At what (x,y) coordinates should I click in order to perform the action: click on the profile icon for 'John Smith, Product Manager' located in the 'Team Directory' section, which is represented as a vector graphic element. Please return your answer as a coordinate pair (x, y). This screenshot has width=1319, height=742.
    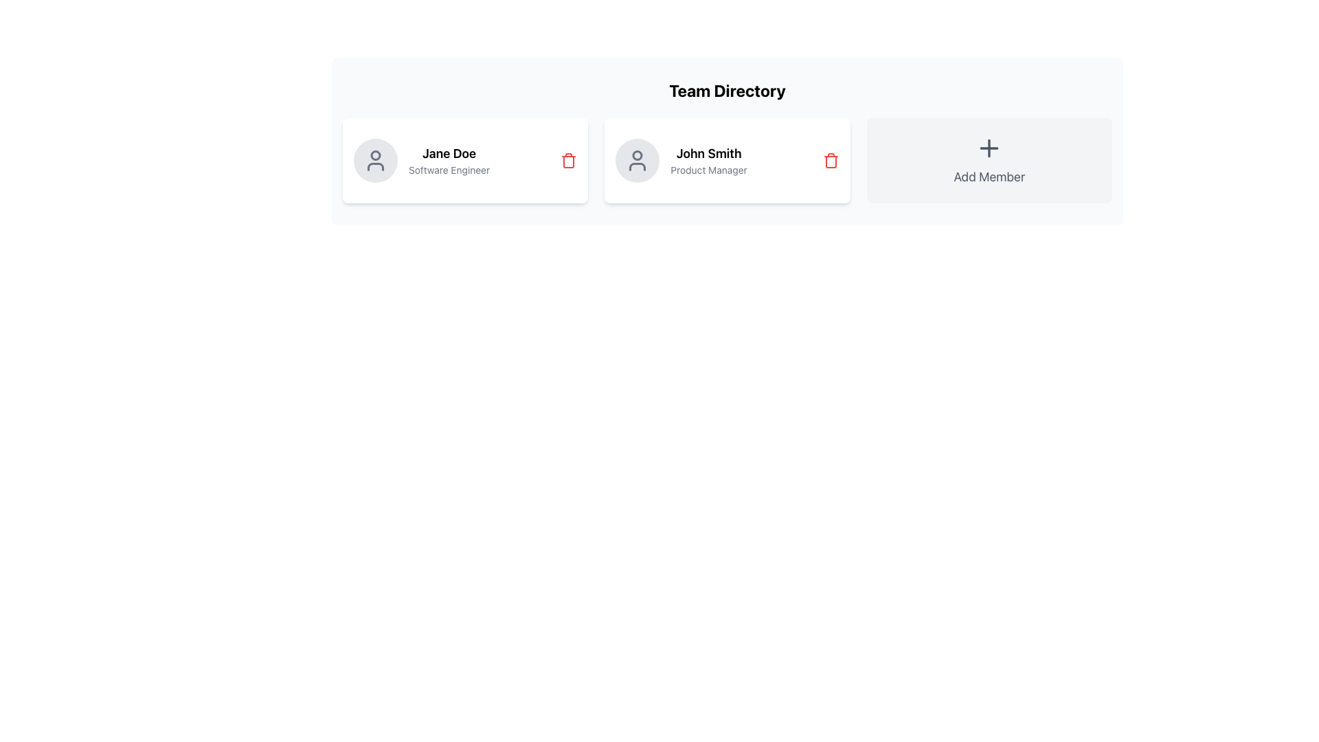
    Looking at the image, I should click on (637, 155).